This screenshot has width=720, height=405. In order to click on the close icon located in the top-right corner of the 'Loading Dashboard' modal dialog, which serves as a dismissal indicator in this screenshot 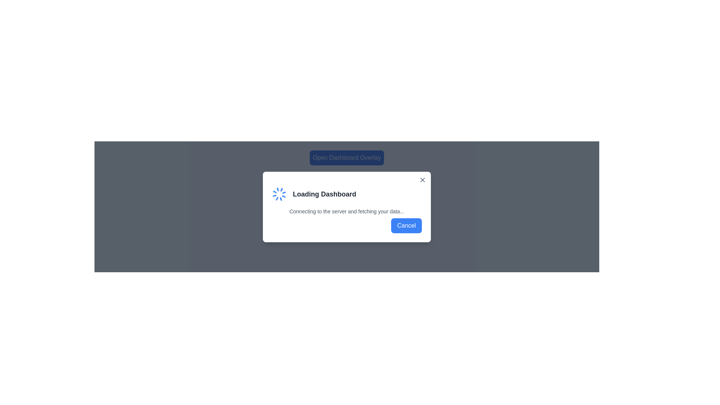, I will do `click(423, 180)`.